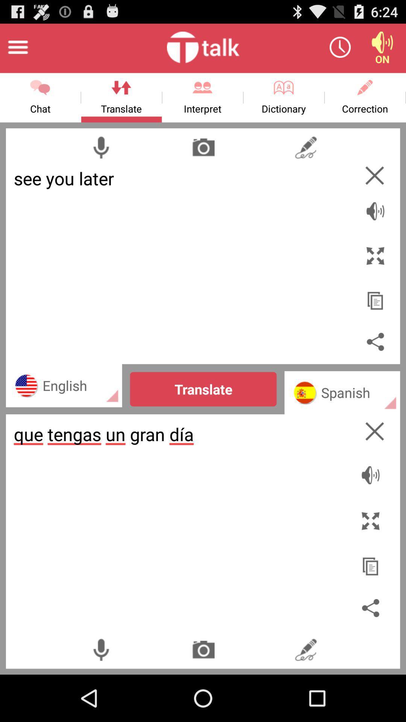  Describe the element at coordinates (371, 562) in the screenshot. I see `copy the text` at that location.